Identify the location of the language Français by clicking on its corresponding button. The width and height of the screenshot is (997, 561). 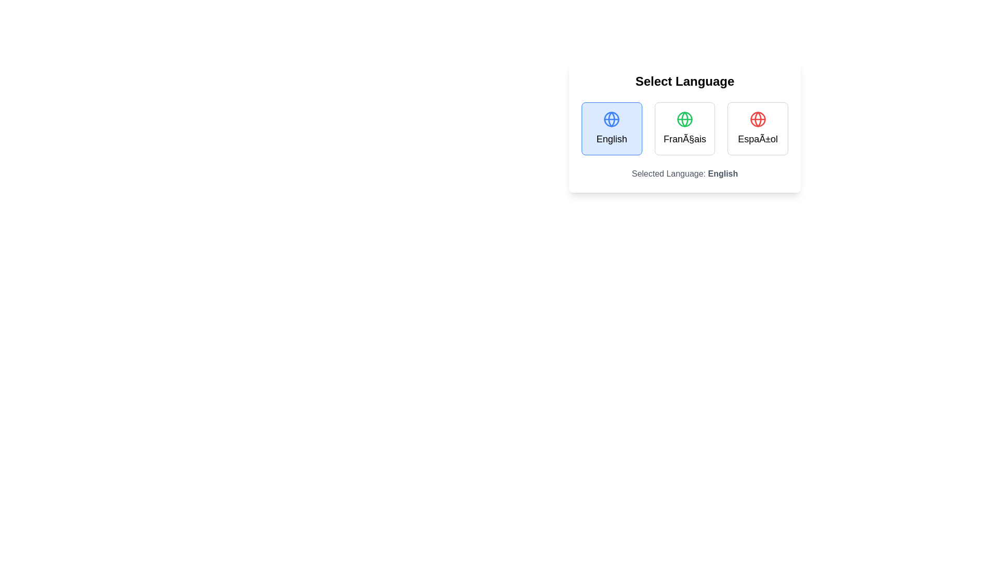
(685, 128).